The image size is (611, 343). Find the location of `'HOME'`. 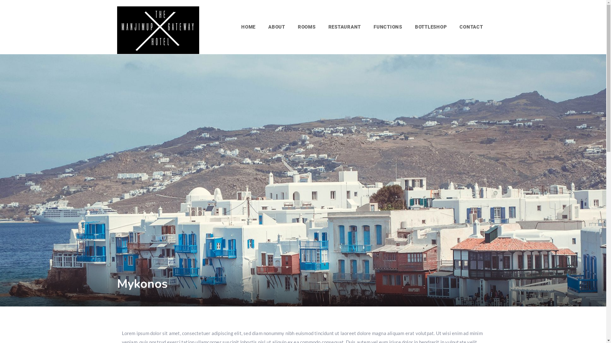

'HOME' is located at coordinates (235, 26).